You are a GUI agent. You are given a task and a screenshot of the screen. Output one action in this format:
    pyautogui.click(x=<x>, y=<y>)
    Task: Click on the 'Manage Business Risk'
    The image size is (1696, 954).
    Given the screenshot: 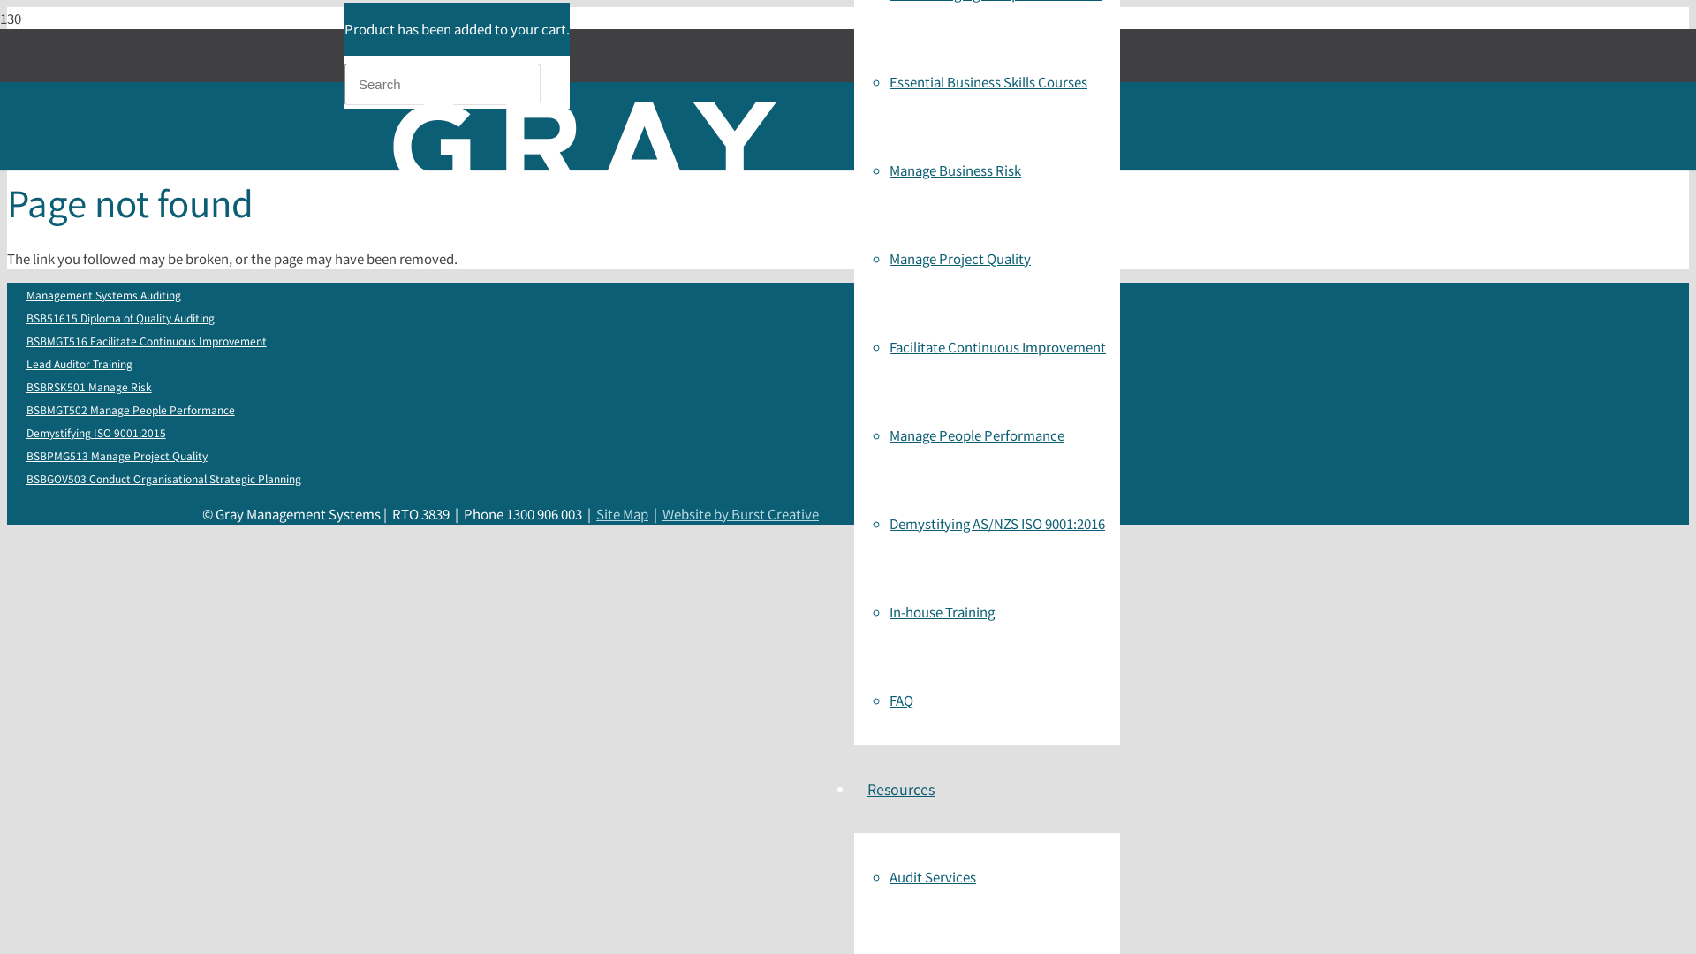 What is the action you would take?
    pyautogui.click(x=954, y=170)
    